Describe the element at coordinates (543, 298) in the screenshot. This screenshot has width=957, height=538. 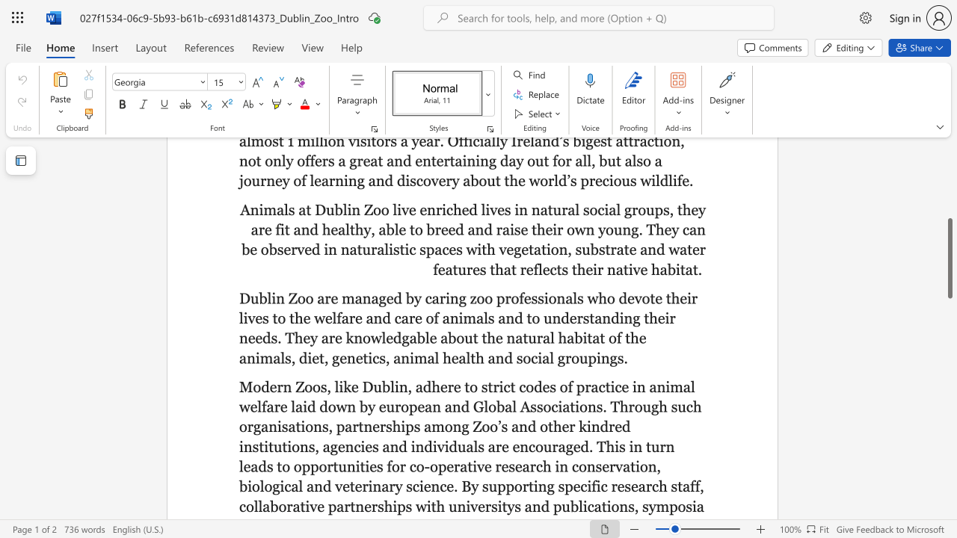
I see `the subset text "ionals who devote their lives to the welfare and care of animals and to understanding their needs. They are" within the text "Dublin Zoo are managed by caring zoo professionals who devote their lives to the welfare and care of animals and to understanding their needs. They are knowledgable about the natural habitat of the animals,"` at that location.